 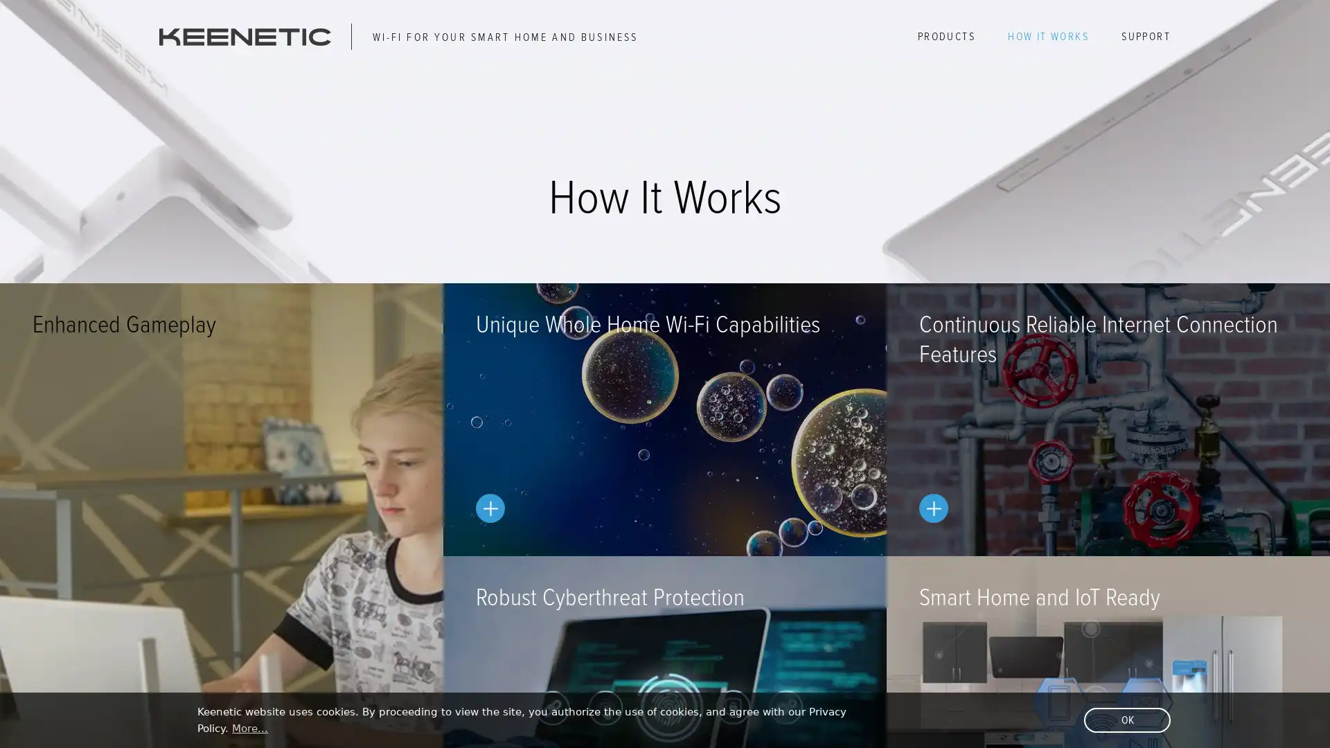 What do you see at coordinates (1127, 719) in the screenshot?
I see `dismiss cookie message` at bounding box center [1127, 719].